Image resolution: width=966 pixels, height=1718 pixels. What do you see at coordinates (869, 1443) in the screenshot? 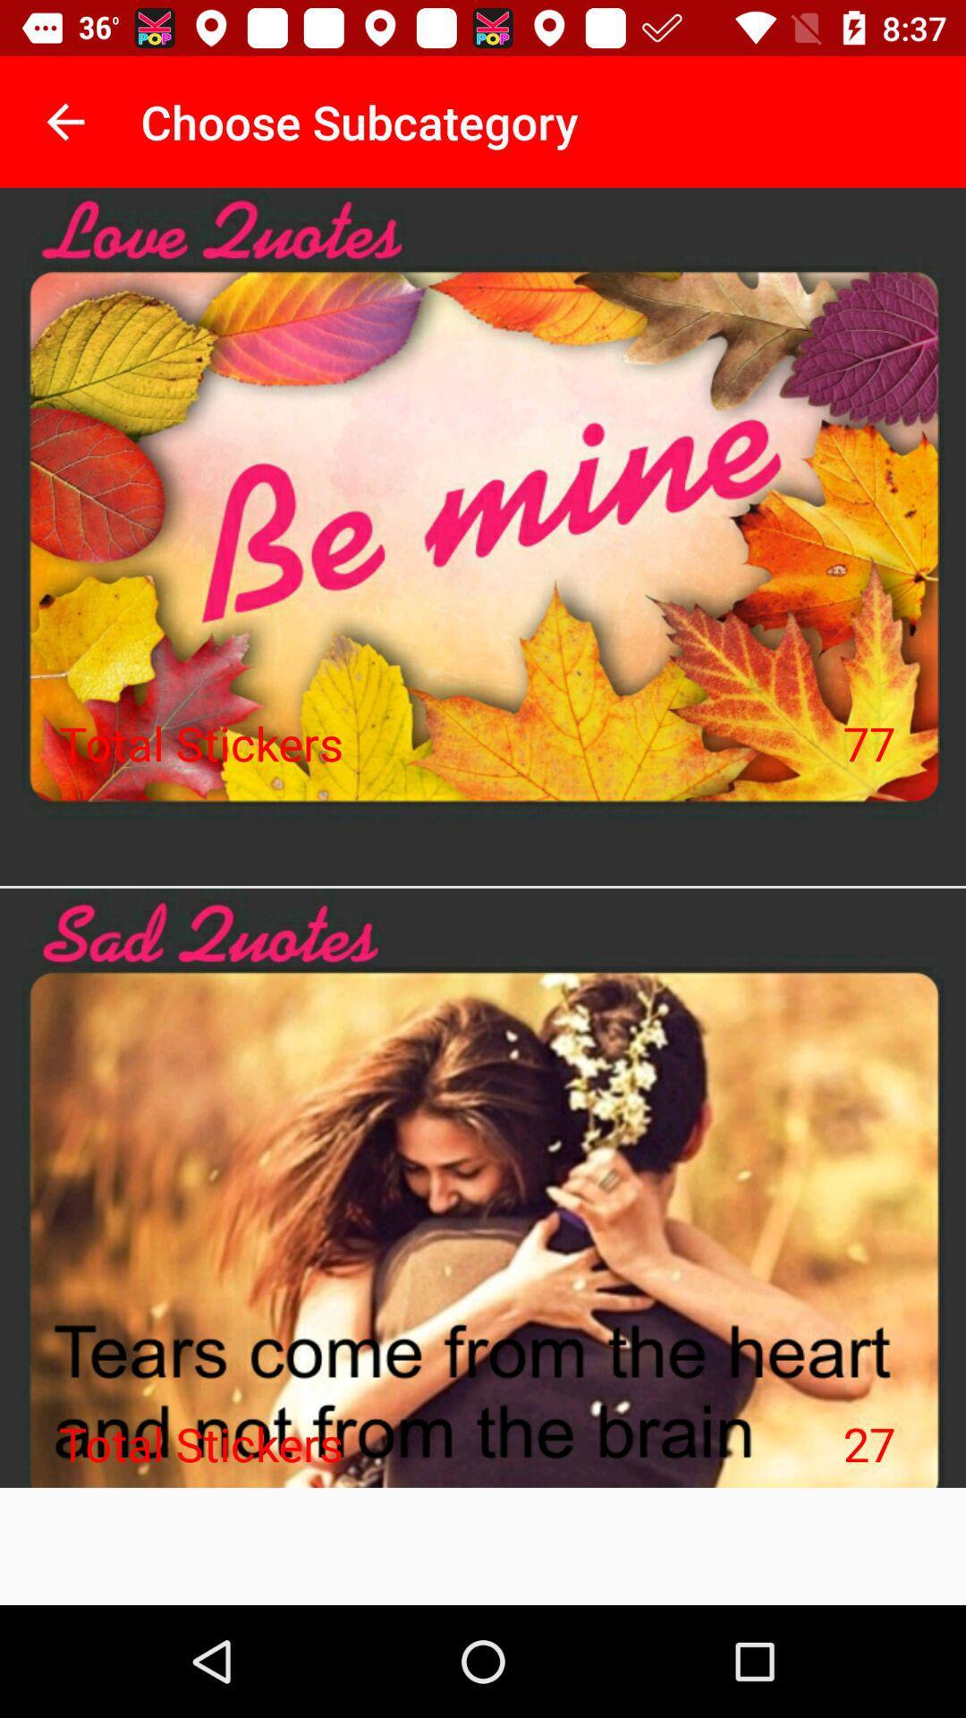
I see `the item next to the total stickers` at bounding box center [869, 1443].